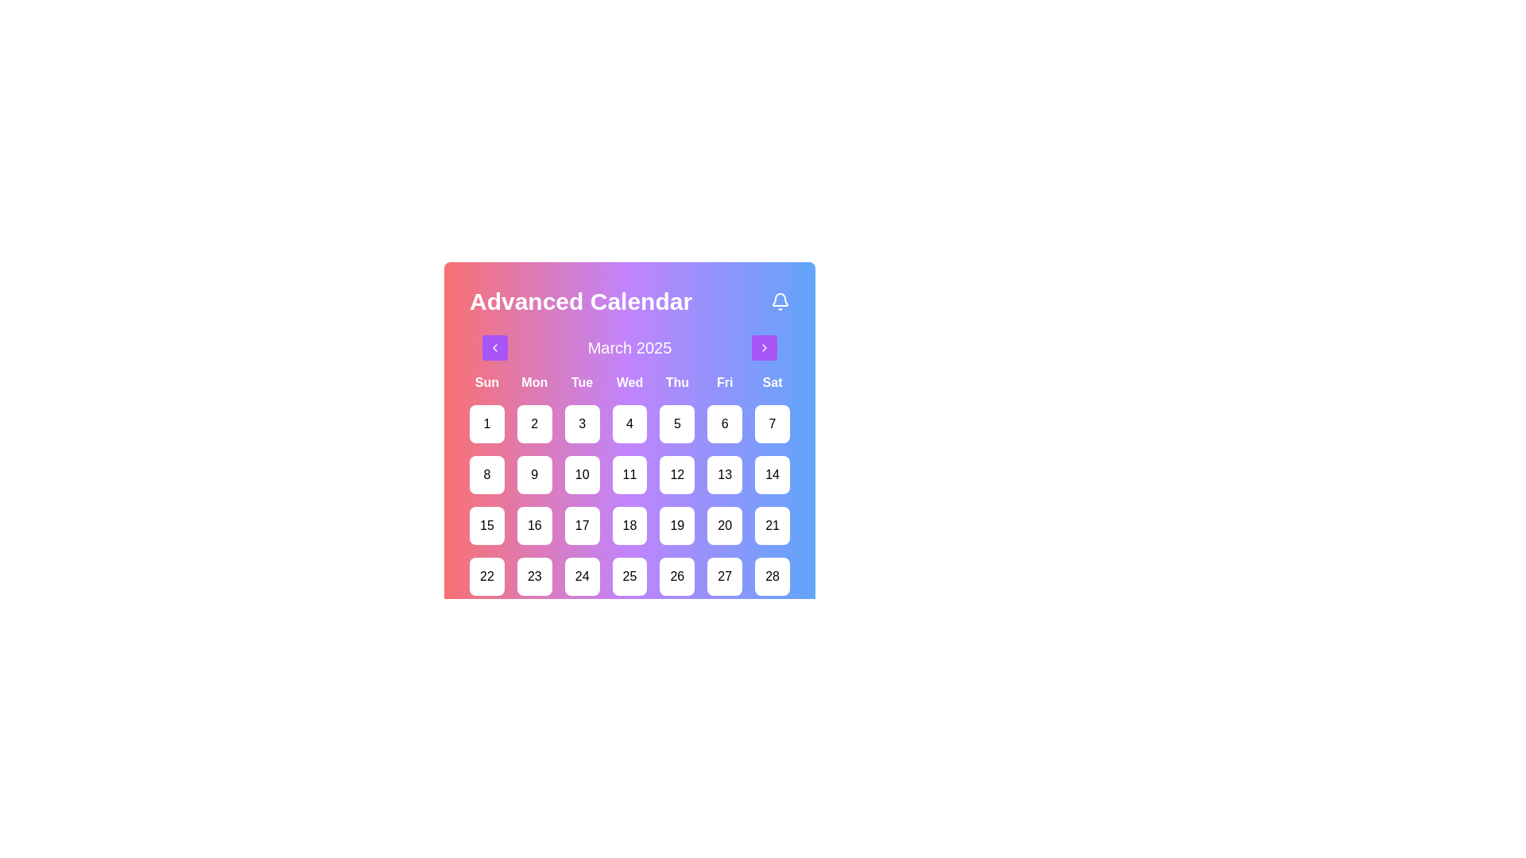 This screenshot has height=858, width=1526. I want to click on the clickable calendar date cell representing the 13th of March 2025, so click(724, 473).